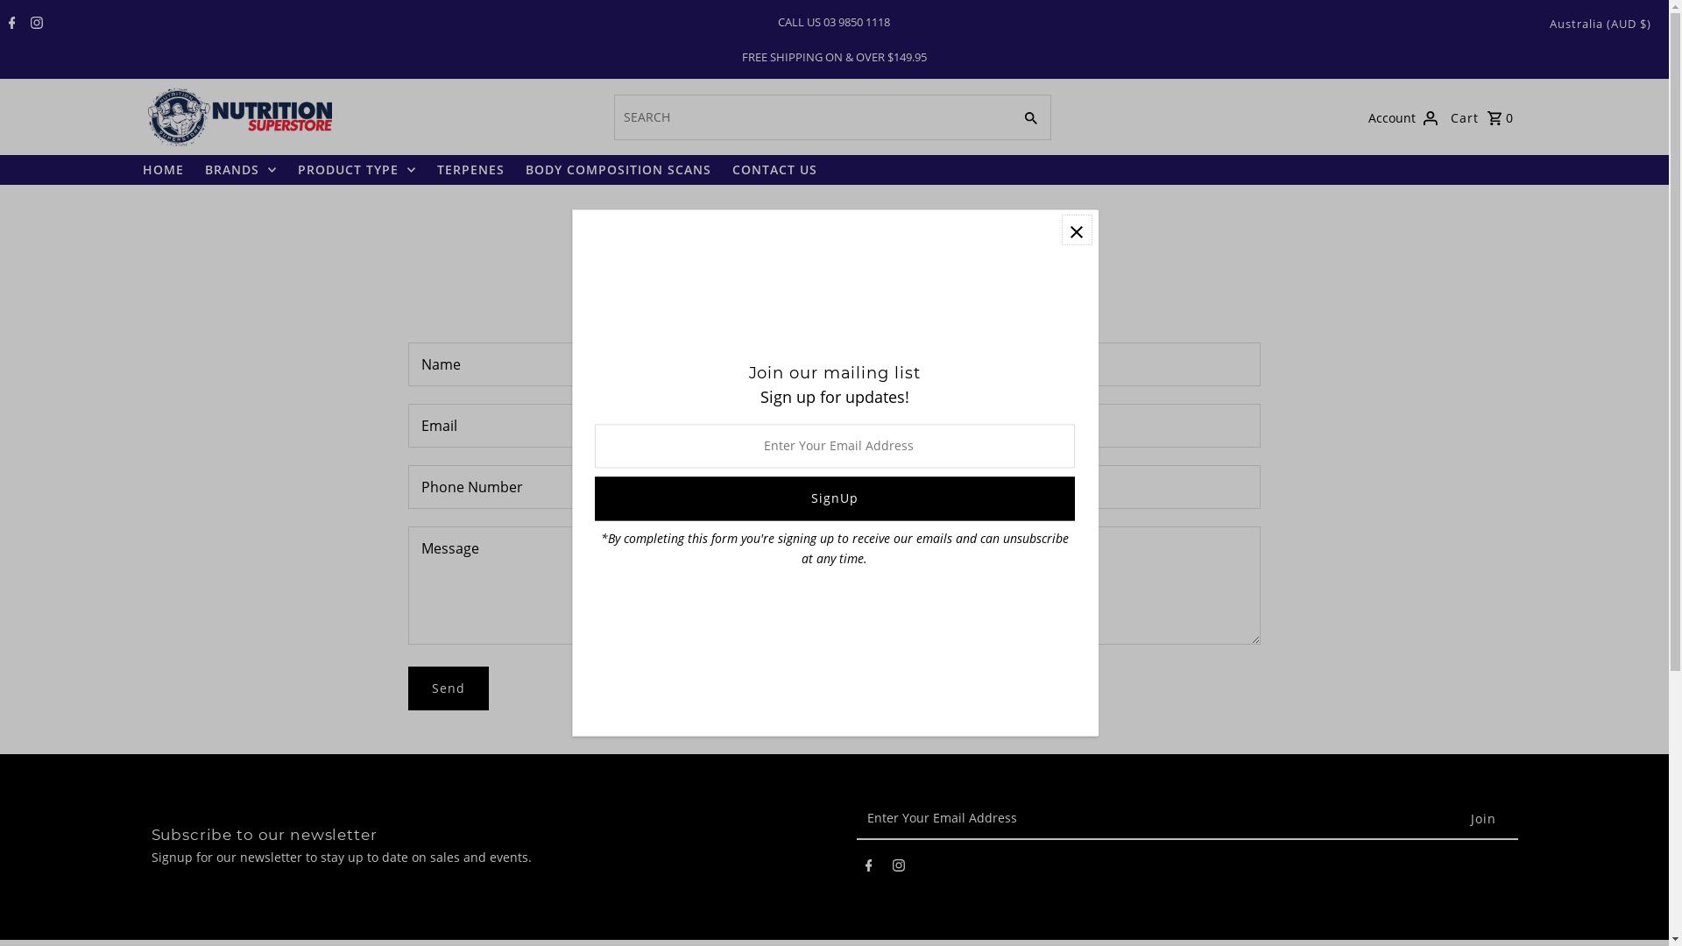  What do you see at coordinates (618, 169) in the screenshot?
I see `'BODY COMPOSITION SCANS'` at bounding box center [618, 169].